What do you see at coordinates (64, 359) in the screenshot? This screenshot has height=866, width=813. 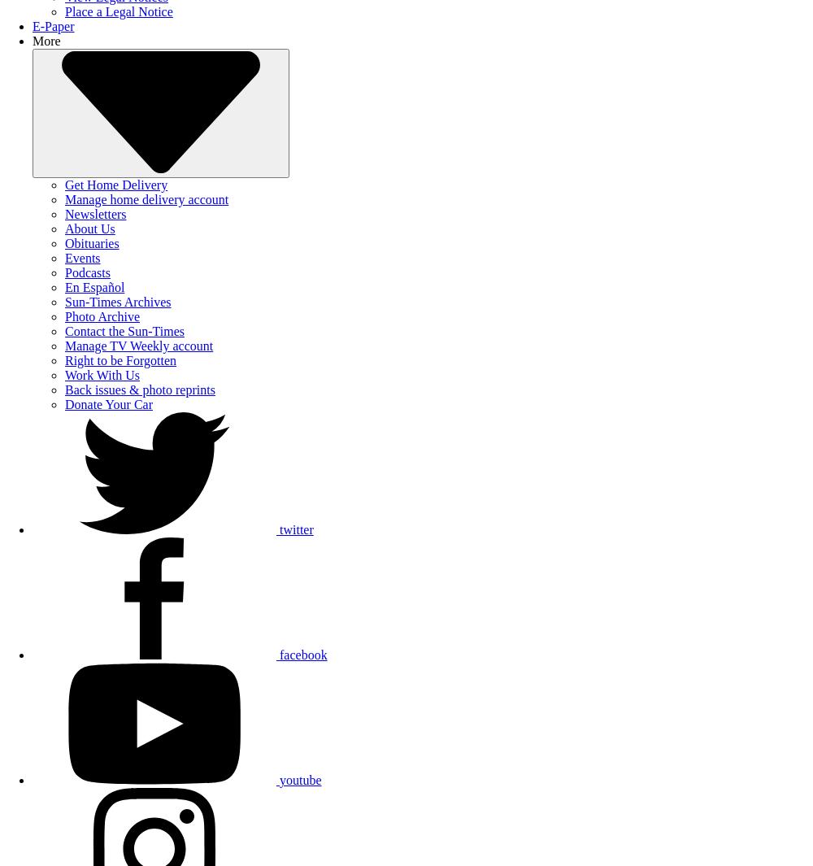 I see `'Right to be Forgotten'` at bounding box center [64, 359].